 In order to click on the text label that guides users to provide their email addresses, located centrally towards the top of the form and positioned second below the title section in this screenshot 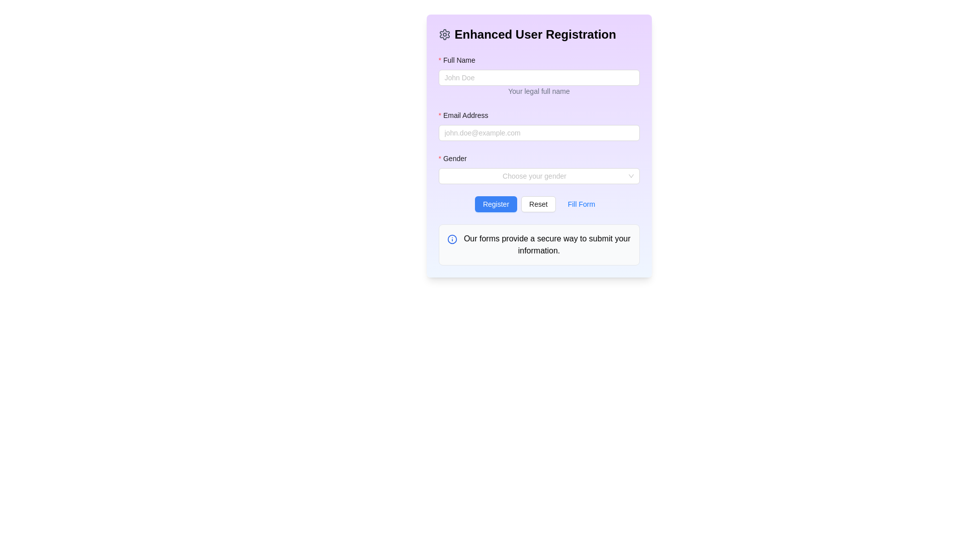, I will do `click(466, 115)`.